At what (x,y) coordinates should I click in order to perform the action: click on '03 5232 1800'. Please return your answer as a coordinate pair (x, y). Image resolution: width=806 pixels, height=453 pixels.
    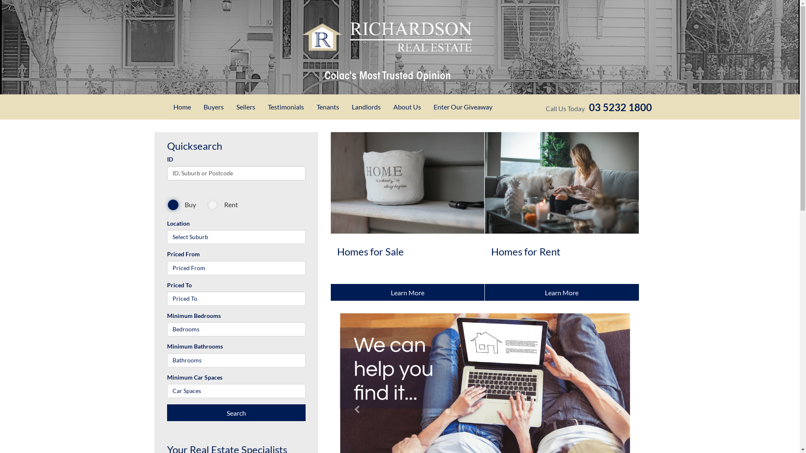
    Looking at the image, I should click on (620, 107).